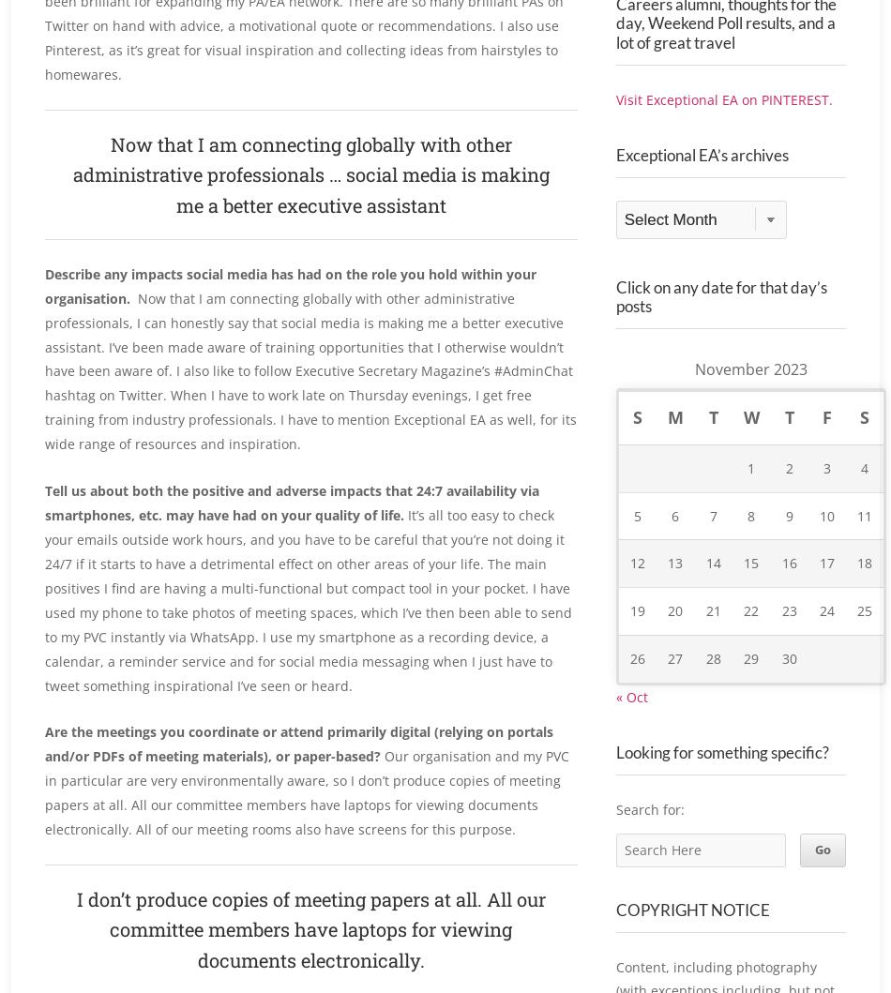  I want to click on '23', so click(779, 653).